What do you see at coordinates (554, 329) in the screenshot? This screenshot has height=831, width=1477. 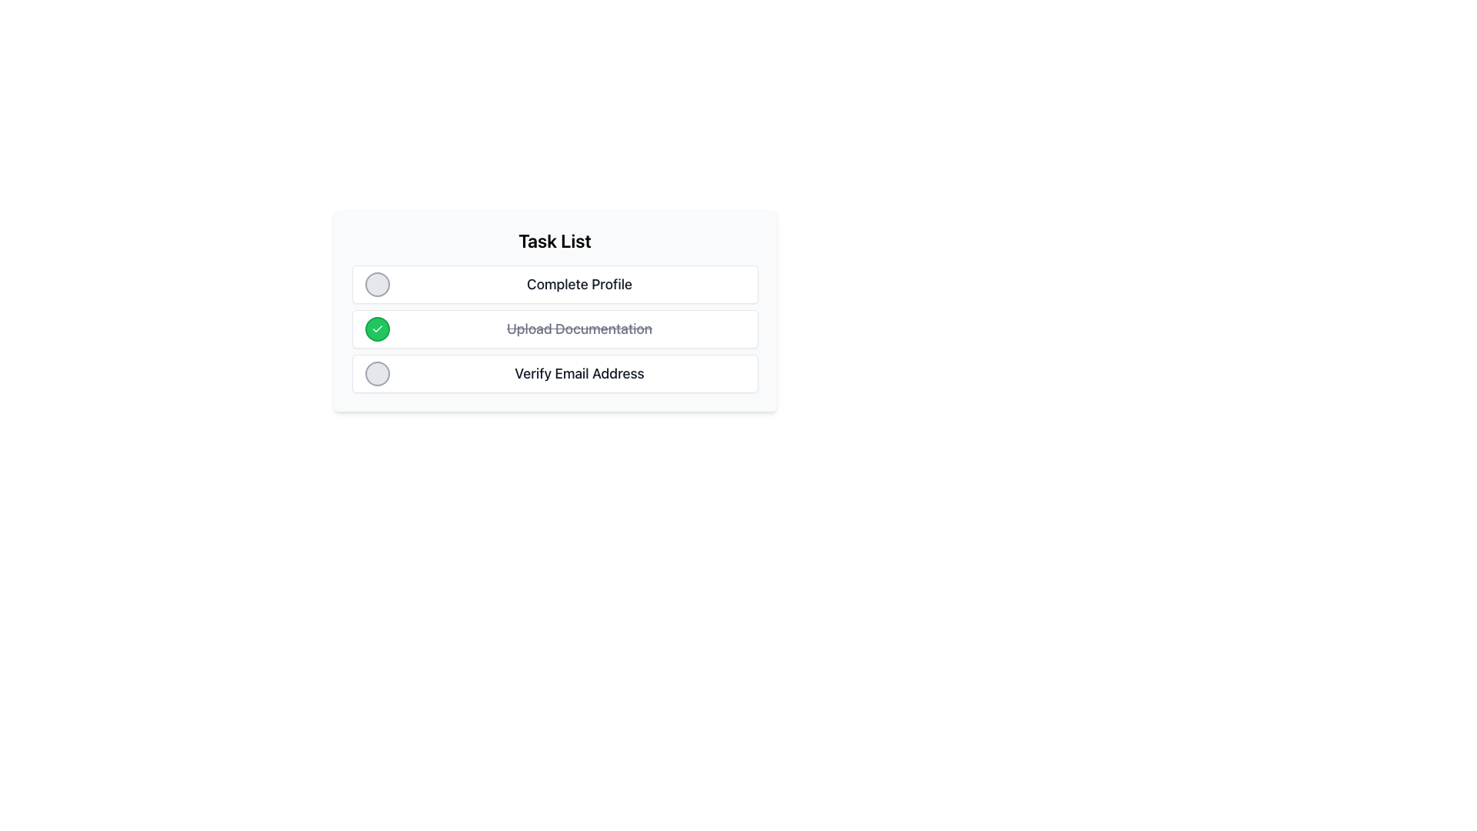 I see `the second list item in the task list, which indicates the status of 'Upload Documentation' with a green circle and a checkmark, styled with a strikethrough font` at bounding box center [554, 329].